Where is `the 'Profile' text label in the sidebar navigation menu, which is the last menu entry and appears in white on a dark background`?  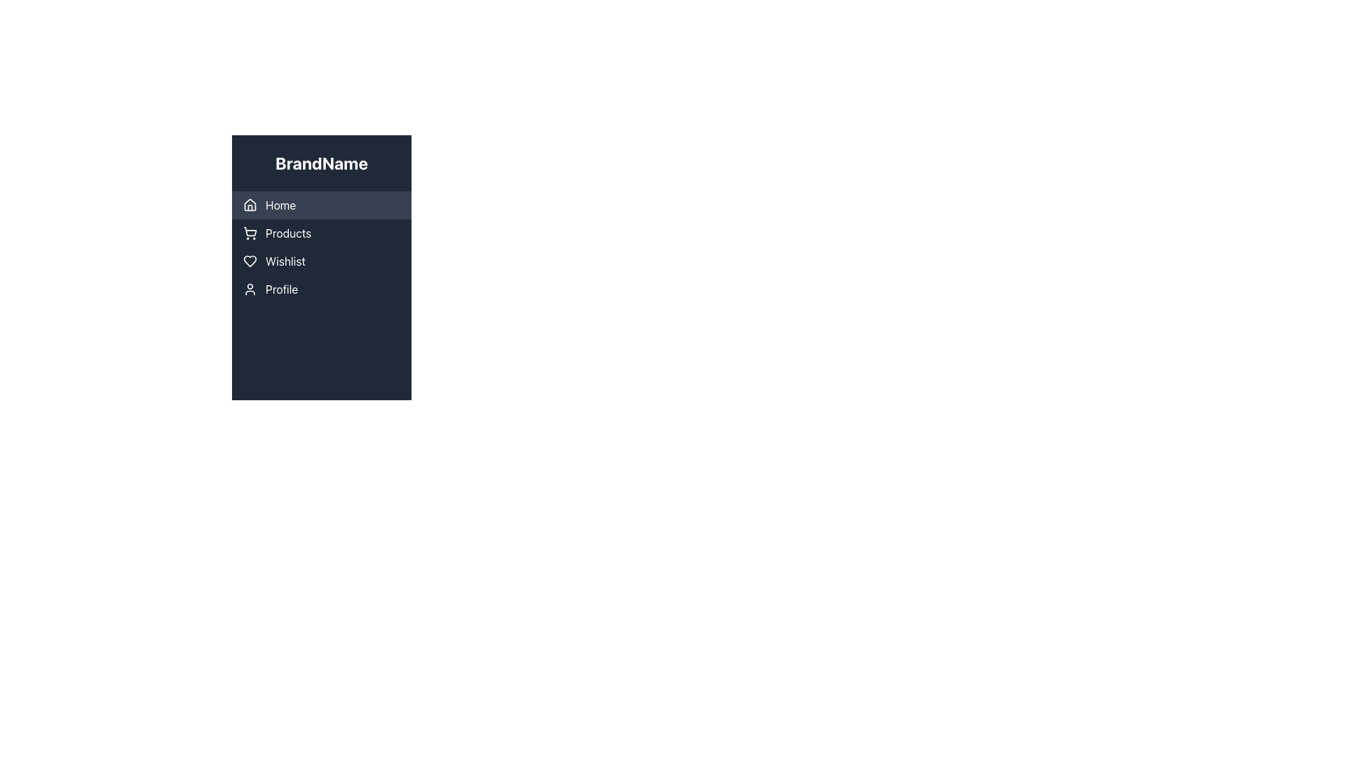 the 'Profile' text label in the sidebar navigation menu, which is the last menu entry and appears in white on a dark background is located at coordinates (281, 288).